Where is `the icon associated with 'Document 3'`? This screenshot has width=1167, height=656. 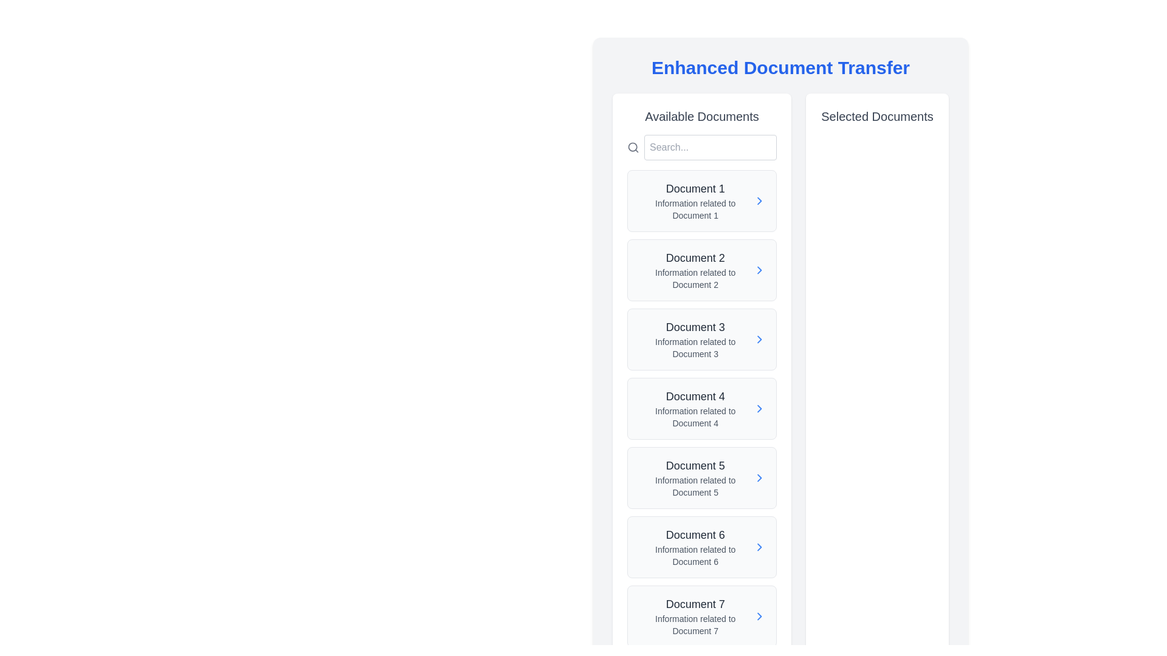
the icon associated with 'Document 3' is located at coordinates (759, 340).